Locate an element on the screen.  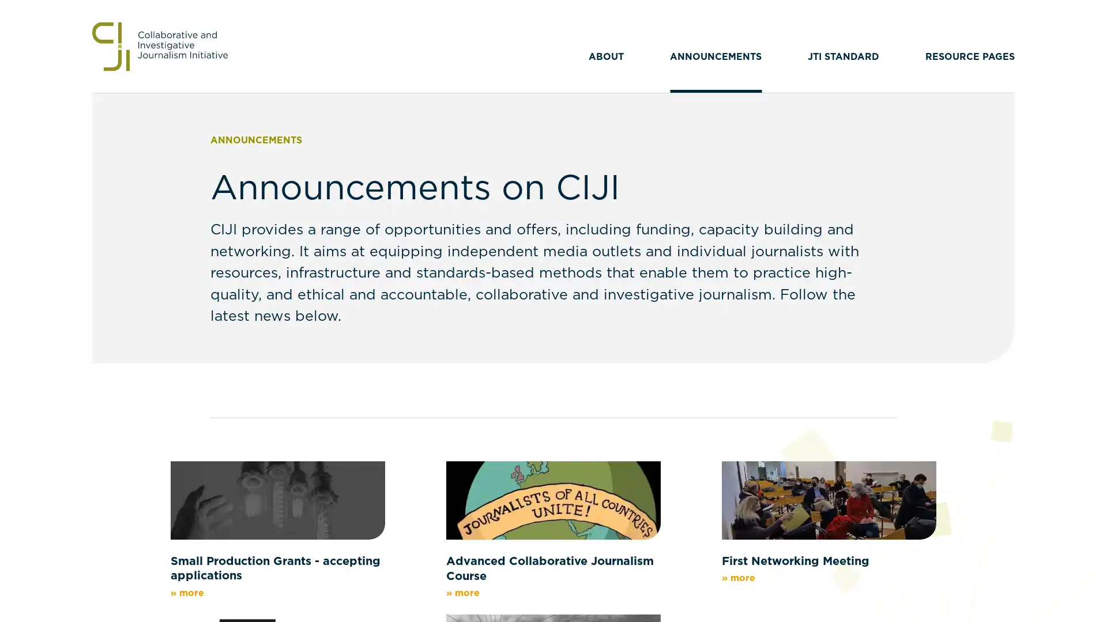
Save Services is located at coordinates (439, 390).